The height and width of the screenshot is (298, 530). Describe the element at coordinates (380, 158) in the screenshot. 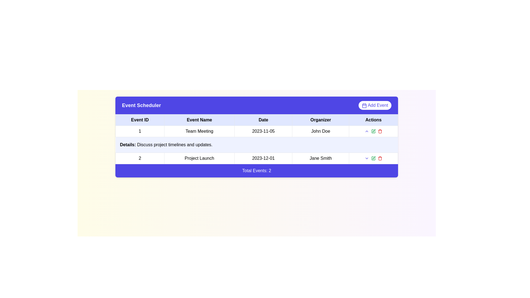

I see `the delete button located in the 'Actions' column of the 'Event Scheduler' interface, specifically the third action icon for the event 'Project Launch'` at that location.